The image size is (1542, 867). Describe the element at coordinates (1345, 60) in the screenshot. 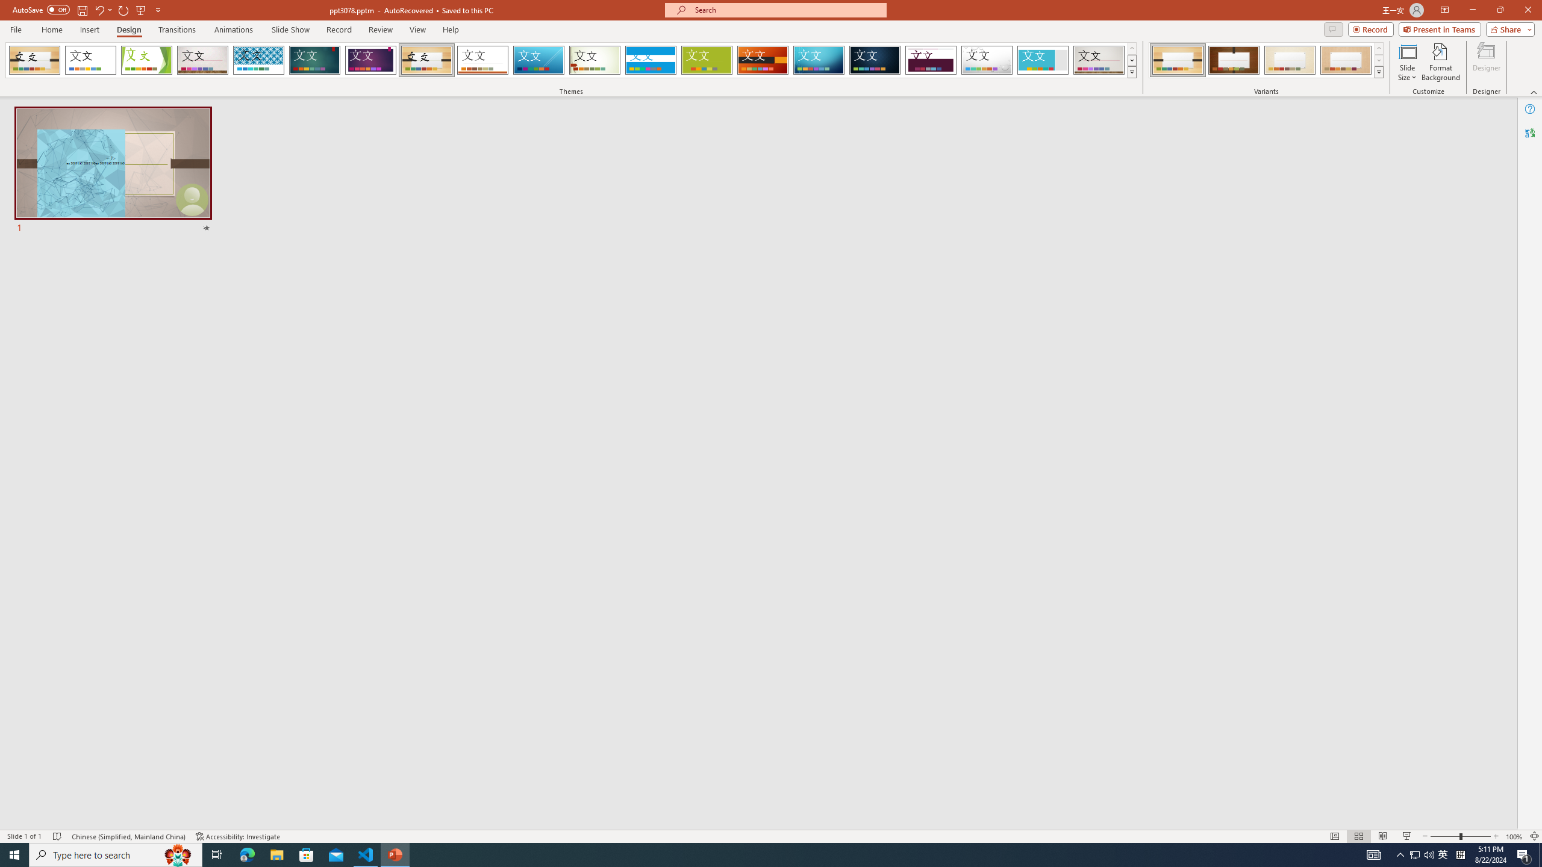

I see `'Organic Variant 4'` at that location.